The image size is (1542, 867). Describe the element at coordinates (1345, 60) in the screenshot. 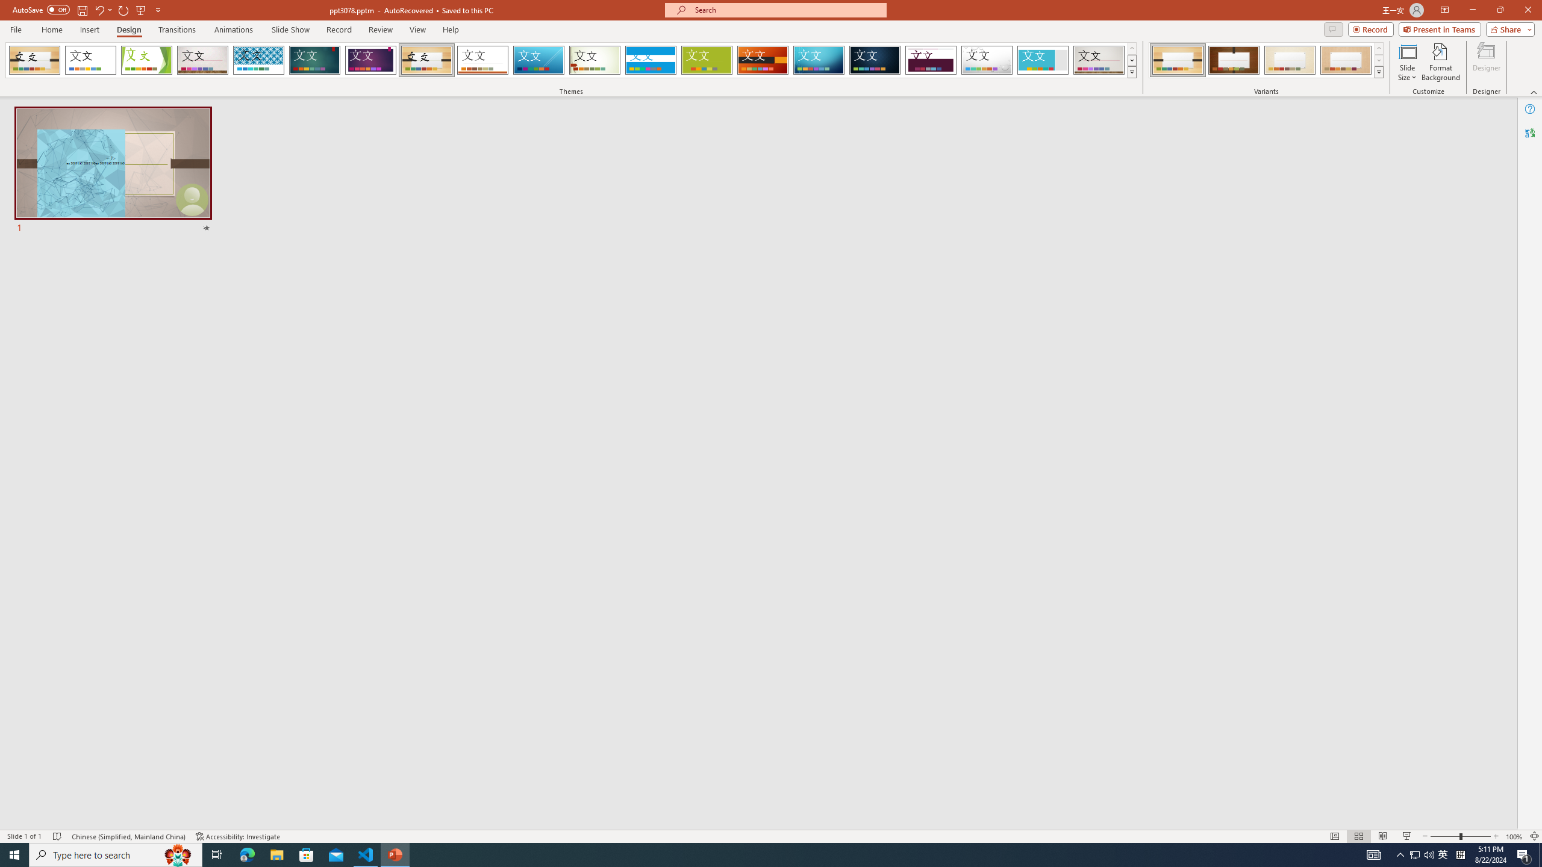

I see `'Organic Variant 4'` at that location.